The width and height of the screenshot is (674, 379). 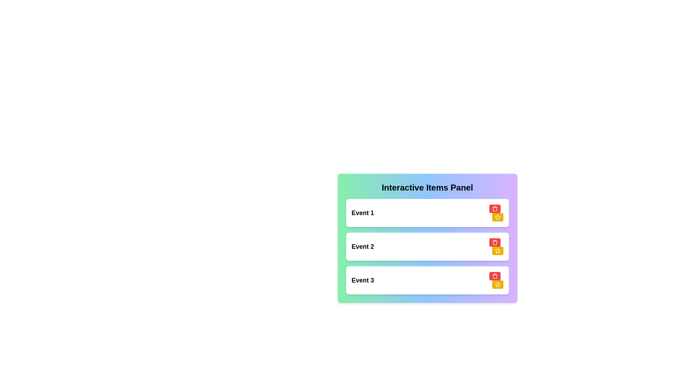 I want to click on the star-shaped button/icon located in the 'Event 2' section of the 'Interactive Items Panel', so click(x=497, y=250).